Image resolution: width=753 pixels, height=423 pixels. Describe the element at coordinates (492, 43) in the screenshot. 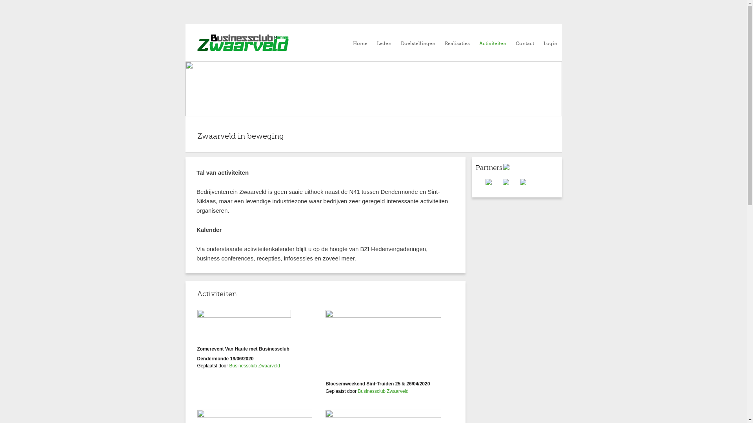

I see `'Activiteiten'` at that location.